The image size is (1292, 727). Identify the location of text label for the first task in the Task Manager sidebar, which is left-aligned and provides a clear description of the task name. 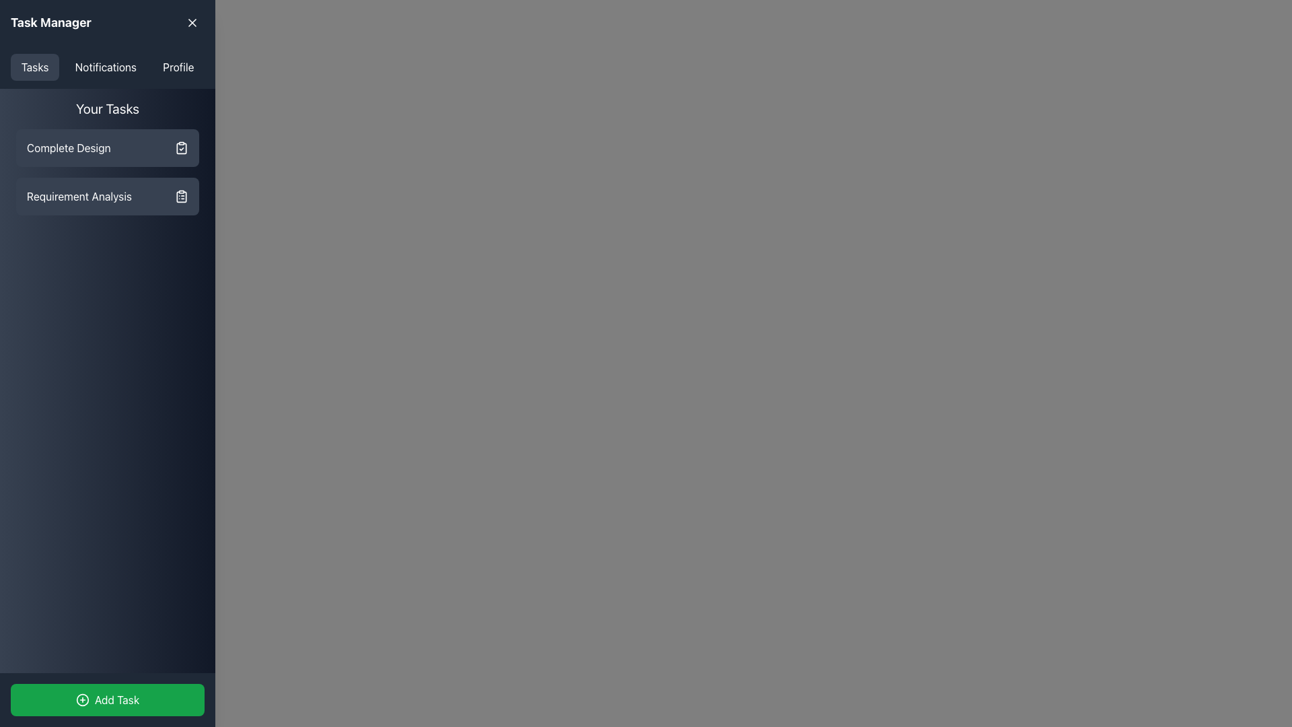
(68, 147).